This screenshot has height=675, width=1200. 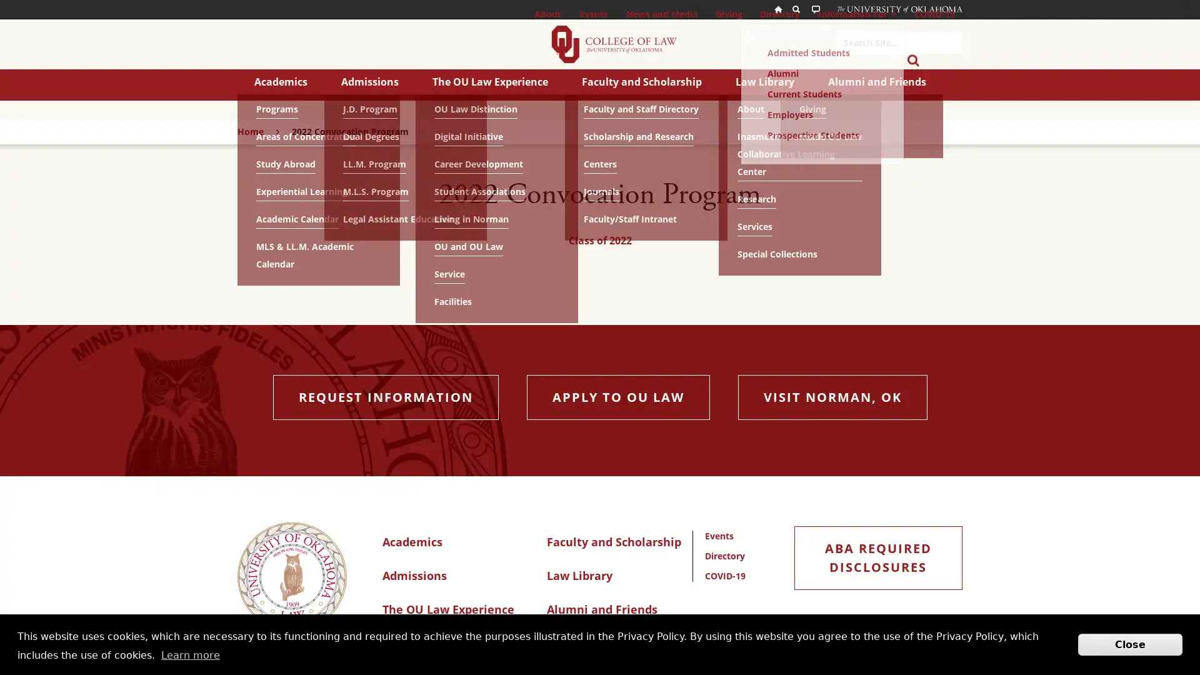 What do you see at coordinates (951, 67) in the screenshot?
I see `Submit Search` at bounding box center [951, 67].